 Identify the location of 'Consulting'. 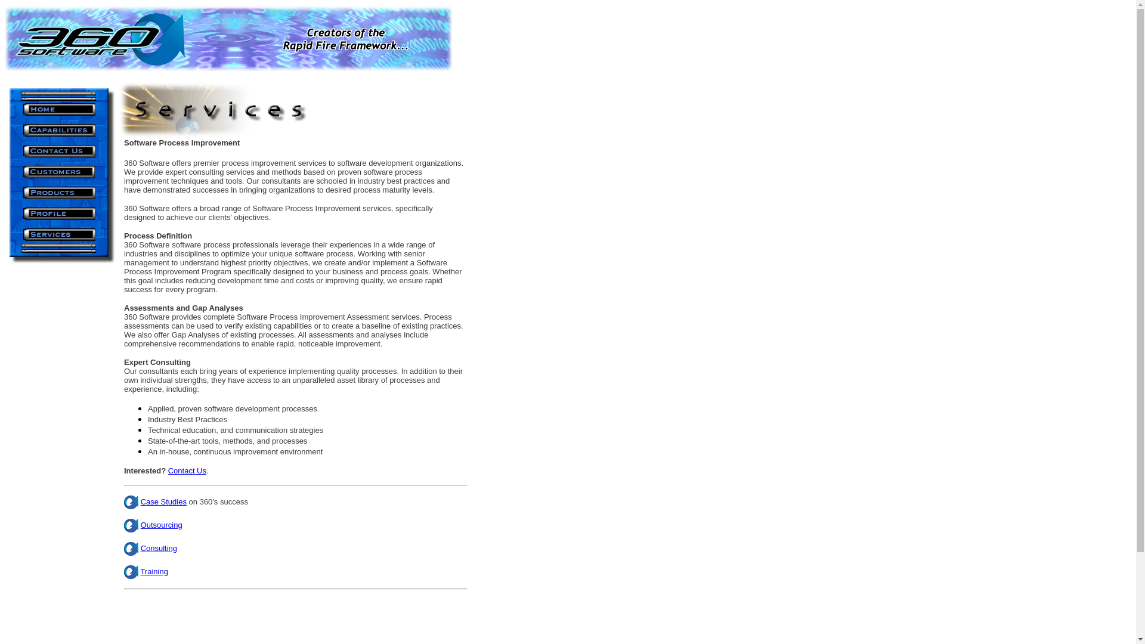
(158, 548).